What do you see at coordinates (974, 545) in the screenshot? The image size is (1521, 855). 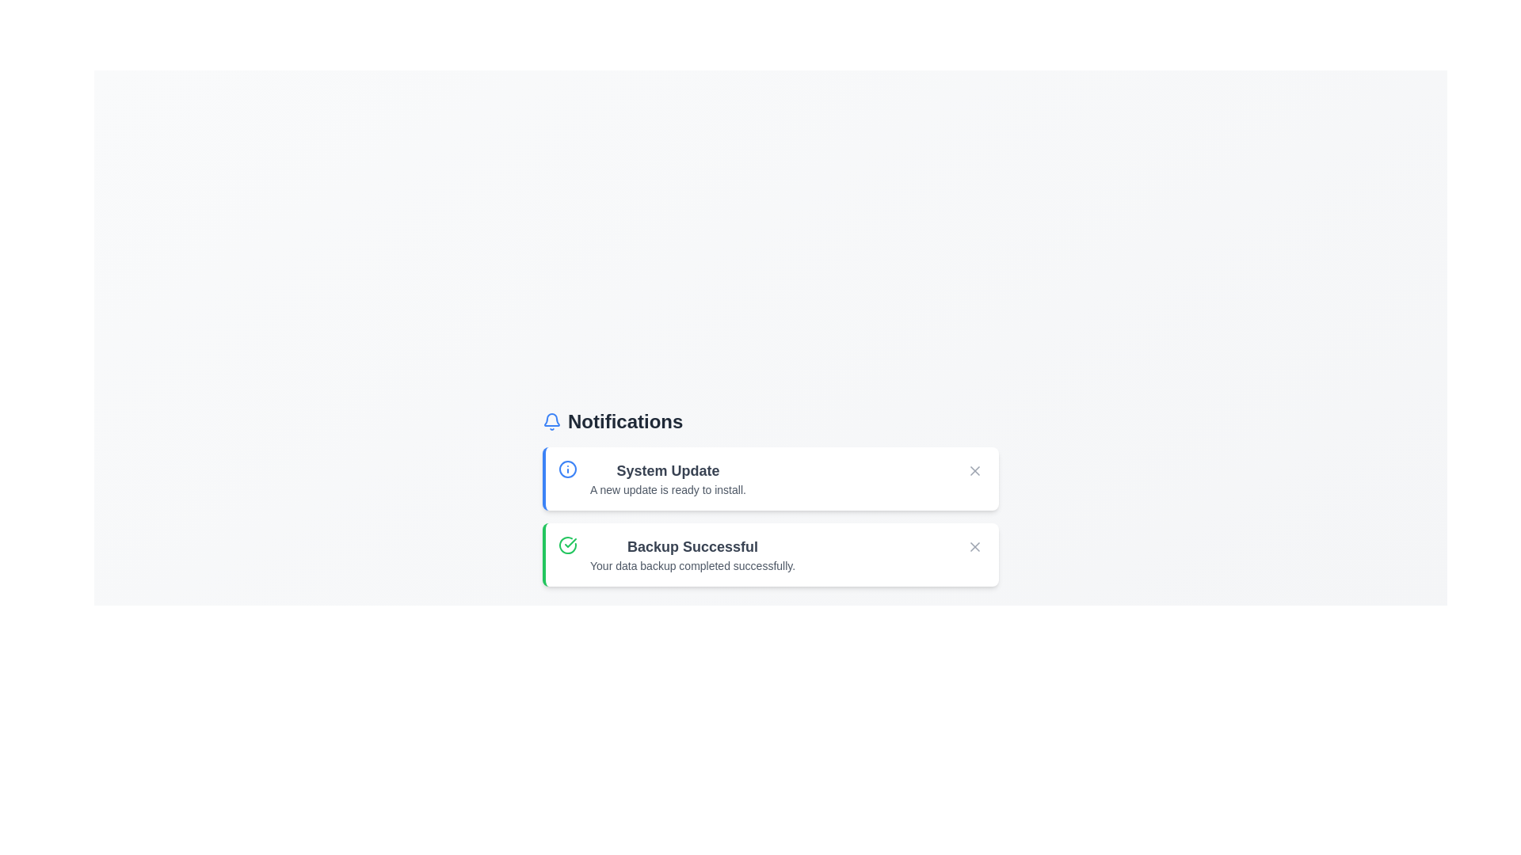 I see `the close/dismiss icon button located in the top-right corner of the 'Backup Successful' notification` at bounding box center [974, 545].